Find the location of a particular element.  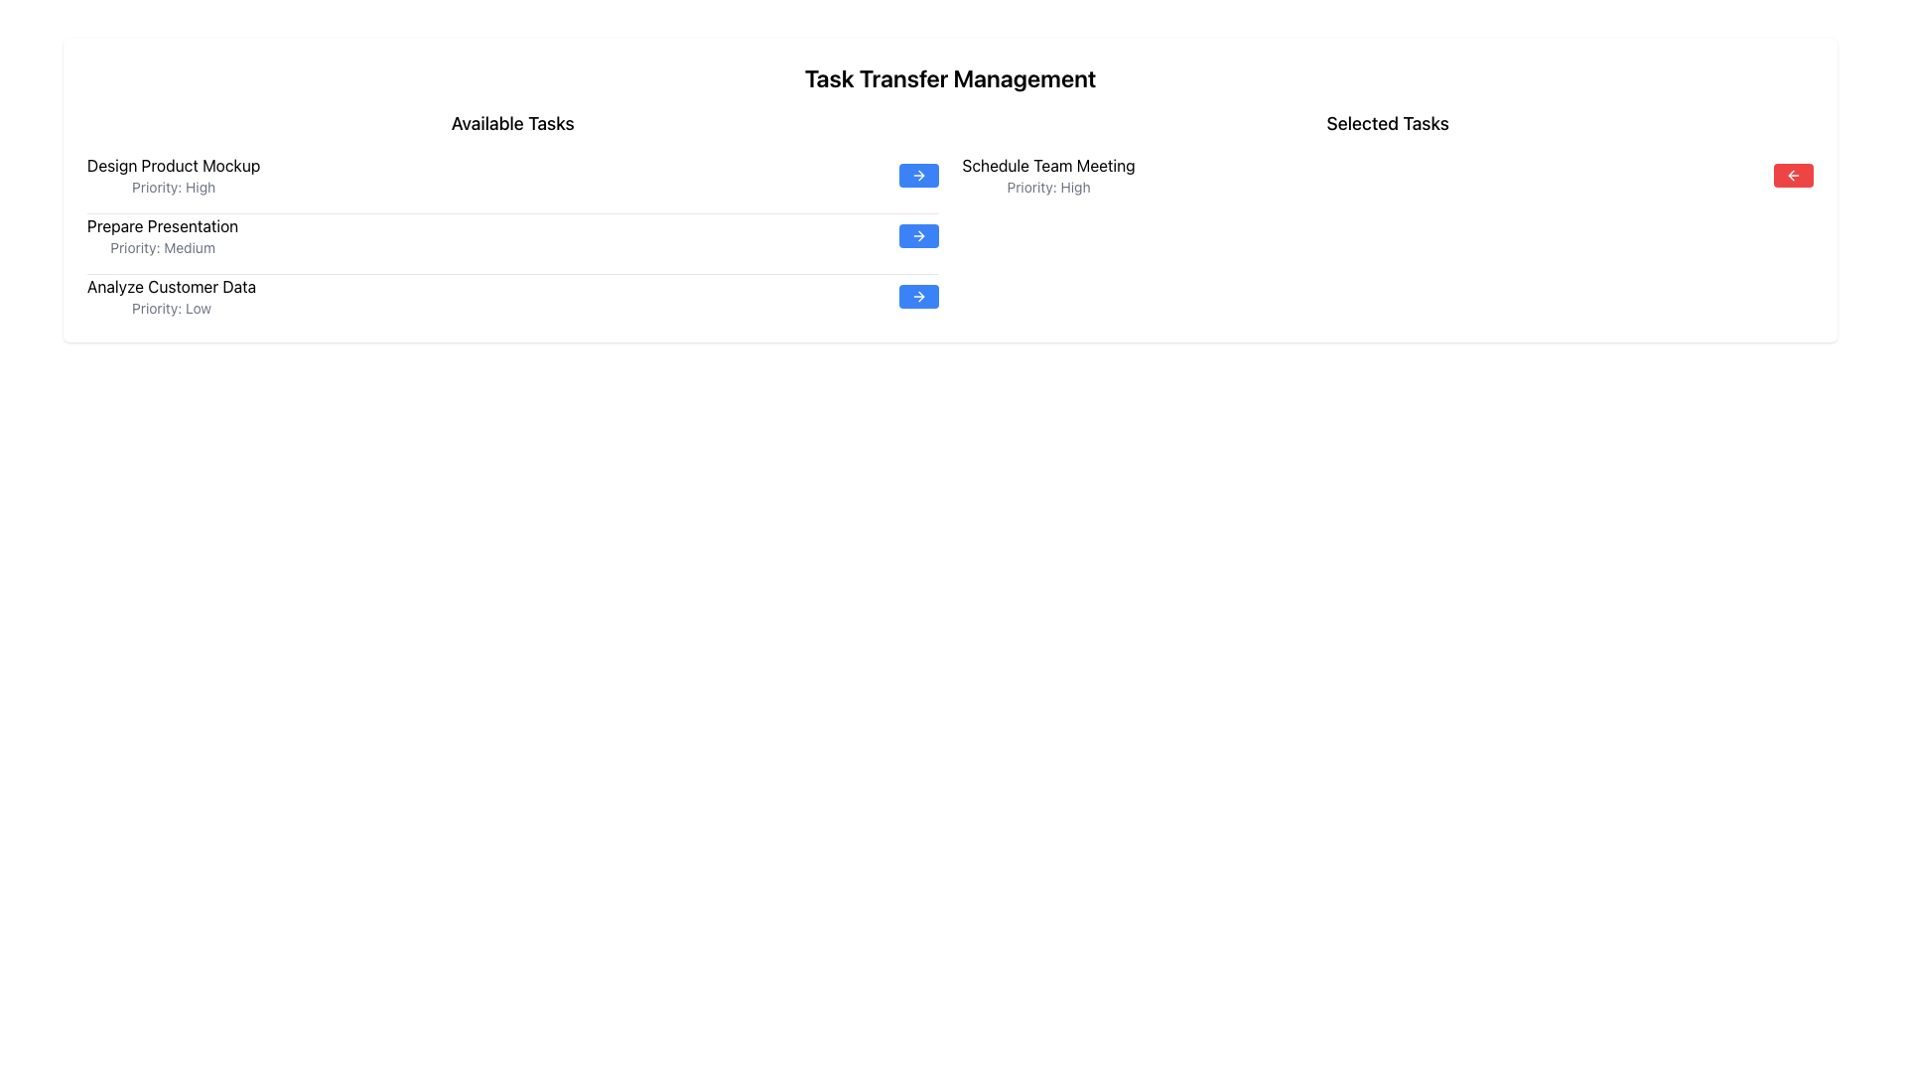

the blue rectangular button with a white right arrow, located next to the 'Prepare Presentation' task in the second row is located at coordinates (917, 235).